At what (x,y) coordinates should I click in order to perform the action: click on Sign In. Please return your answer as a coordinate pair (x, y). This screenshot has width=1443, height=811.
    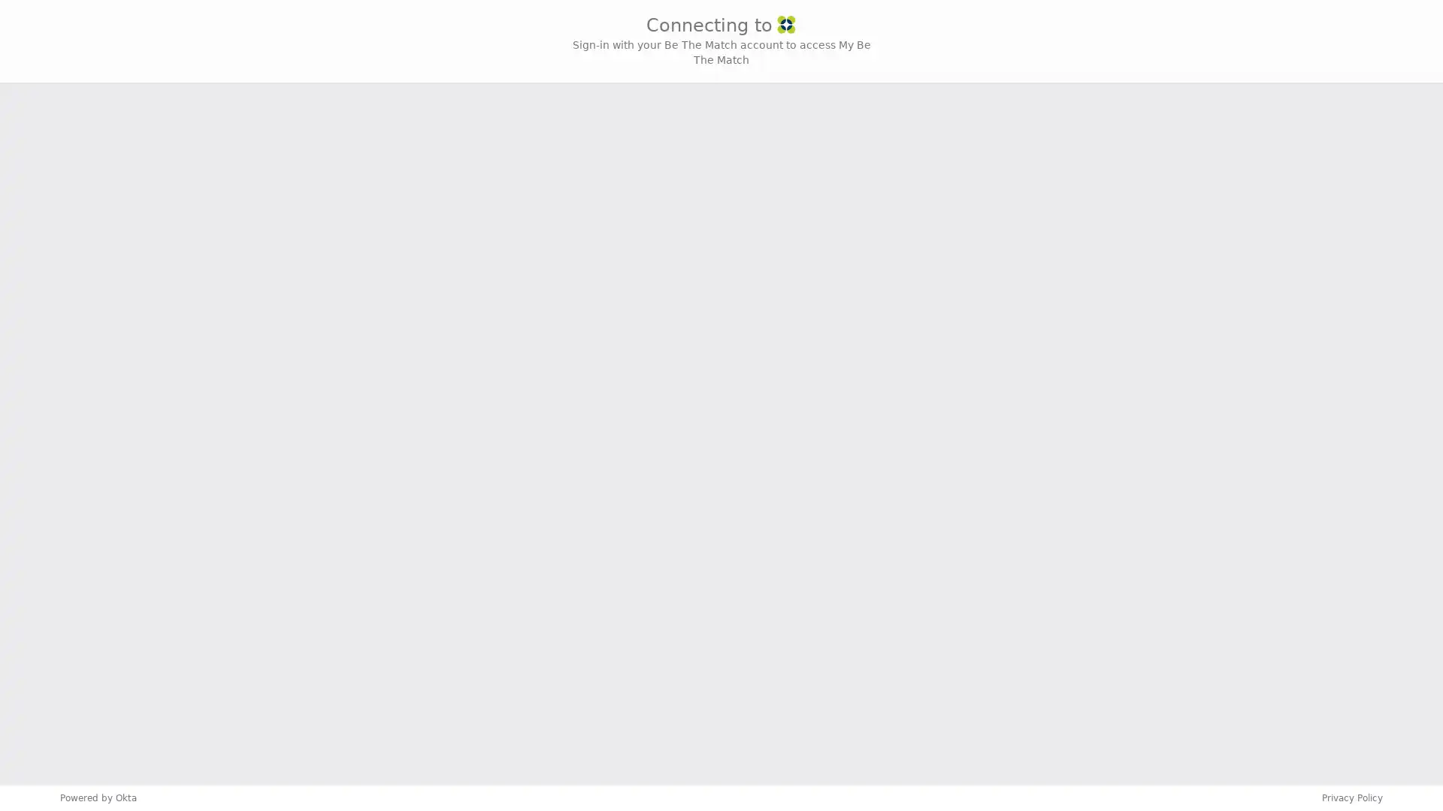
    Looking at the image, I should click on (721, 457).